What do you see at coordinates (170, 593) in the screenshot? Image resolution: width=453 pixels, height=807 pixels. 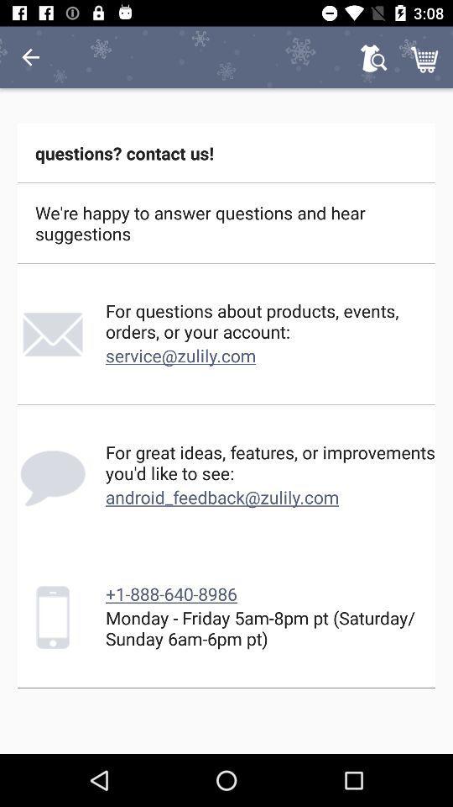 I see `the item above the monday friday 5am item` at bounding box center [170, 593].